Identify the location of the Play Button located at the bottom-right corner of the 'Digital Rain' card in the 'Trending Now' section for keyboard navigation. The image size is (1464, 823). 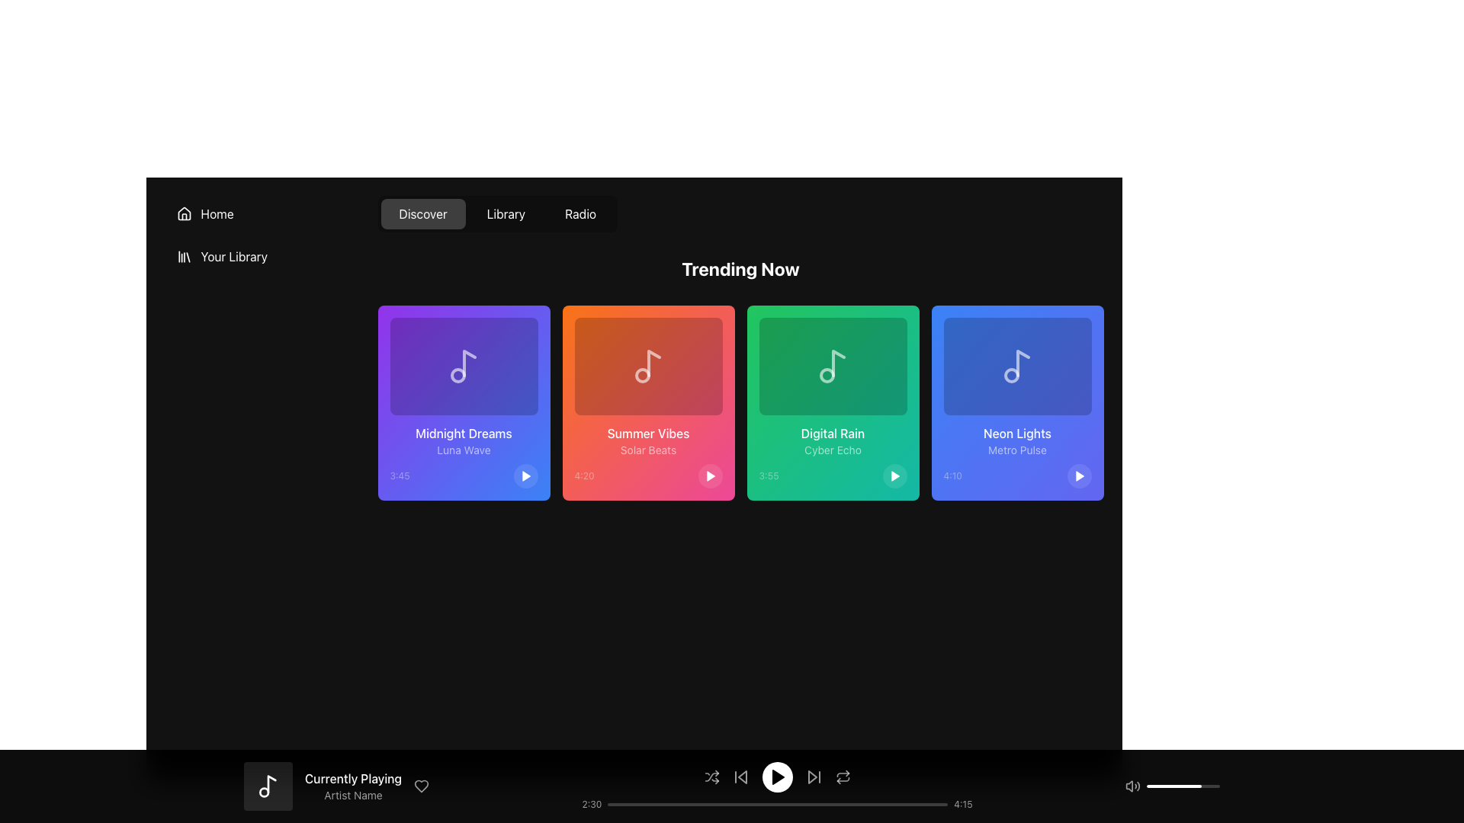
(894, 475).